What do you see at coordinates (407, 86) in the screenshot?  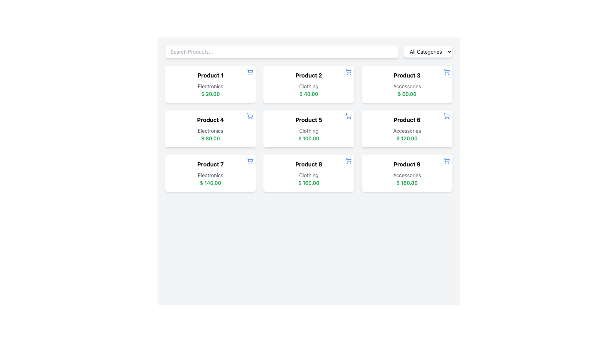 I see `the text label displaying 'Accessories', which is styled in gray color and positioned below 'Product 3' and above the price '$ 60.00'` at bounding box center [407, 86].